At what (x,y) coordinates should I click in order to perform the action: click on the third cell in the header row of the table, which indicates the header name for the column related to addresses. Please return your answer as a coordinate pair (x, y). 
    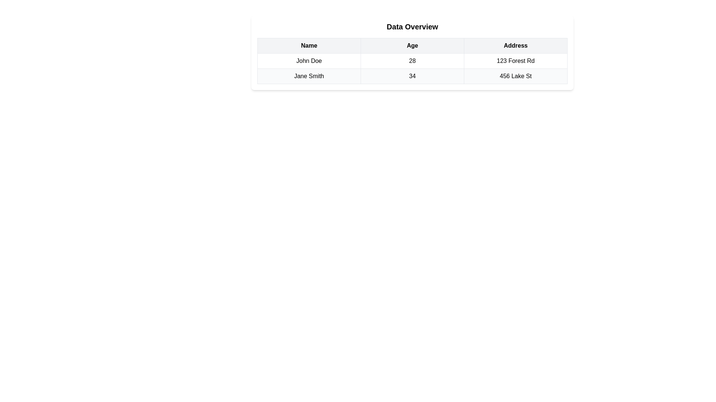
    Looking at the image, I should click on (515, 46).